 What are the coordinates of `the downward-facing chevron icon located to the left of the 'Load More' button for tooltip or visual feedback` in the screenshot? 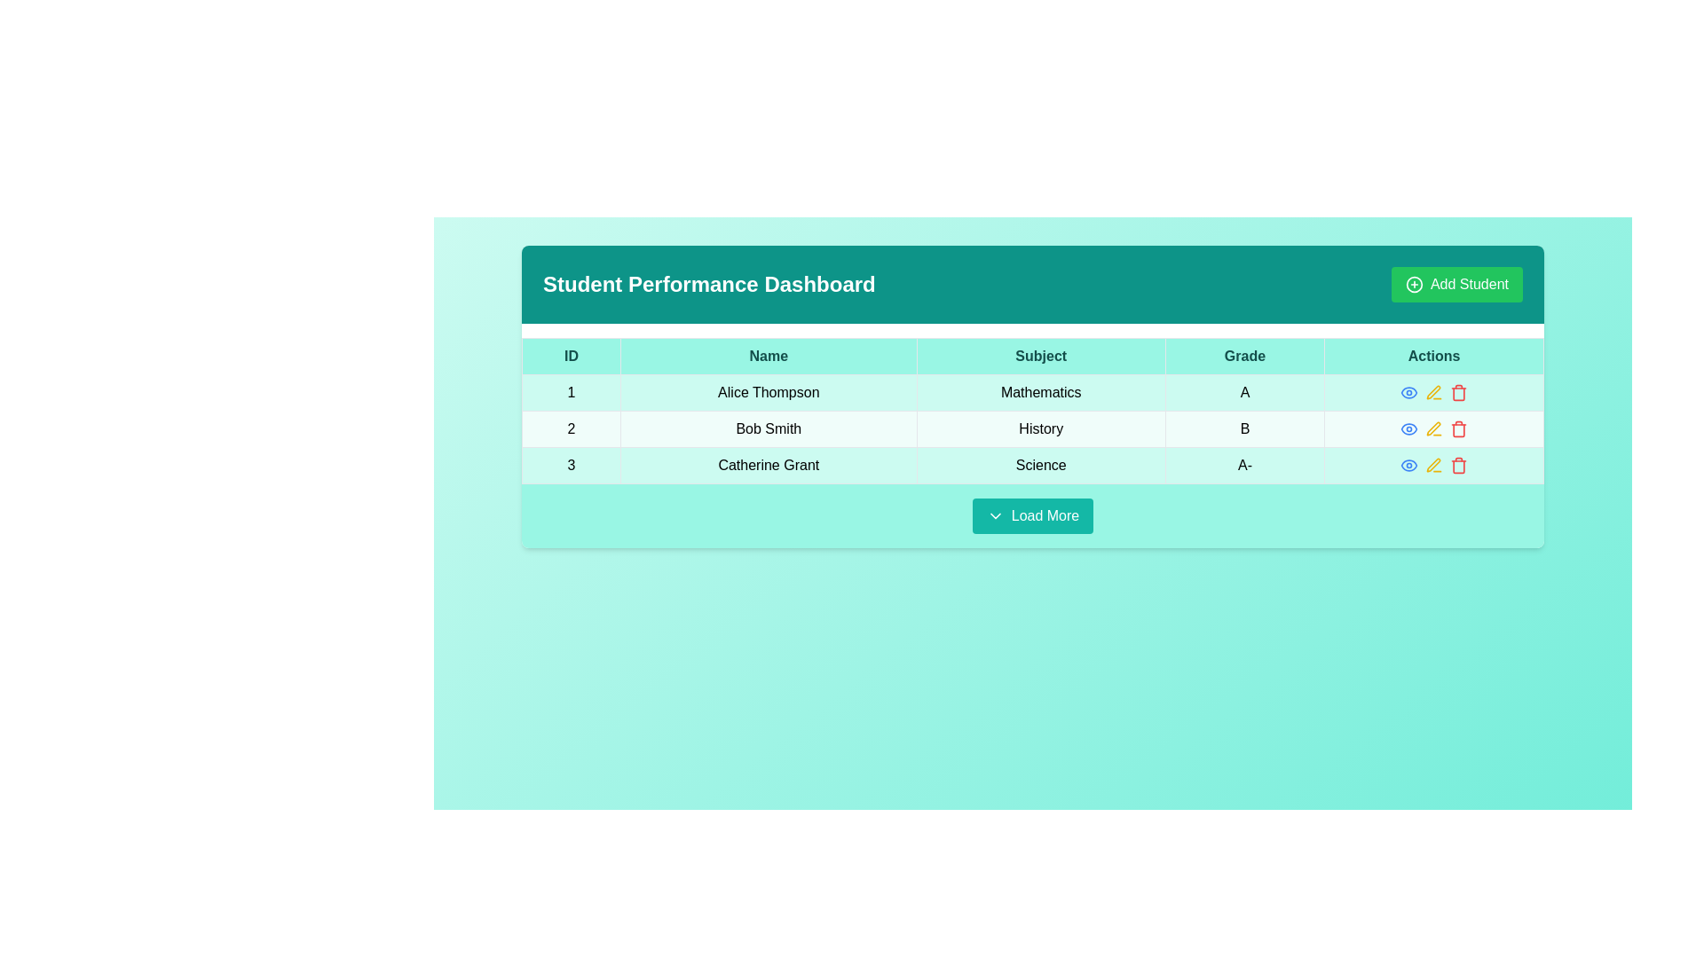 It's located at (995, 516).